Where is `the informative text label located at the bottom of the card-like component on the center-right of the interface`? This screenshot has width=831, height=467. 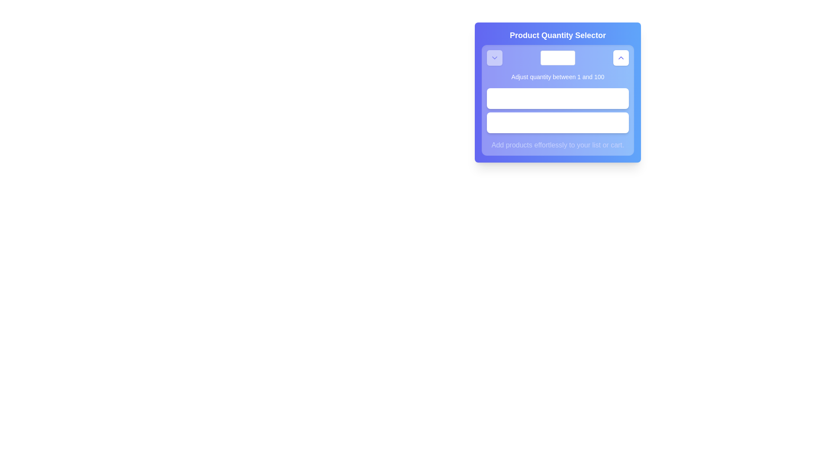
the informative text label located at the bottom of the card-like component on the center-right of the interface is located at coordinates (558, 144).